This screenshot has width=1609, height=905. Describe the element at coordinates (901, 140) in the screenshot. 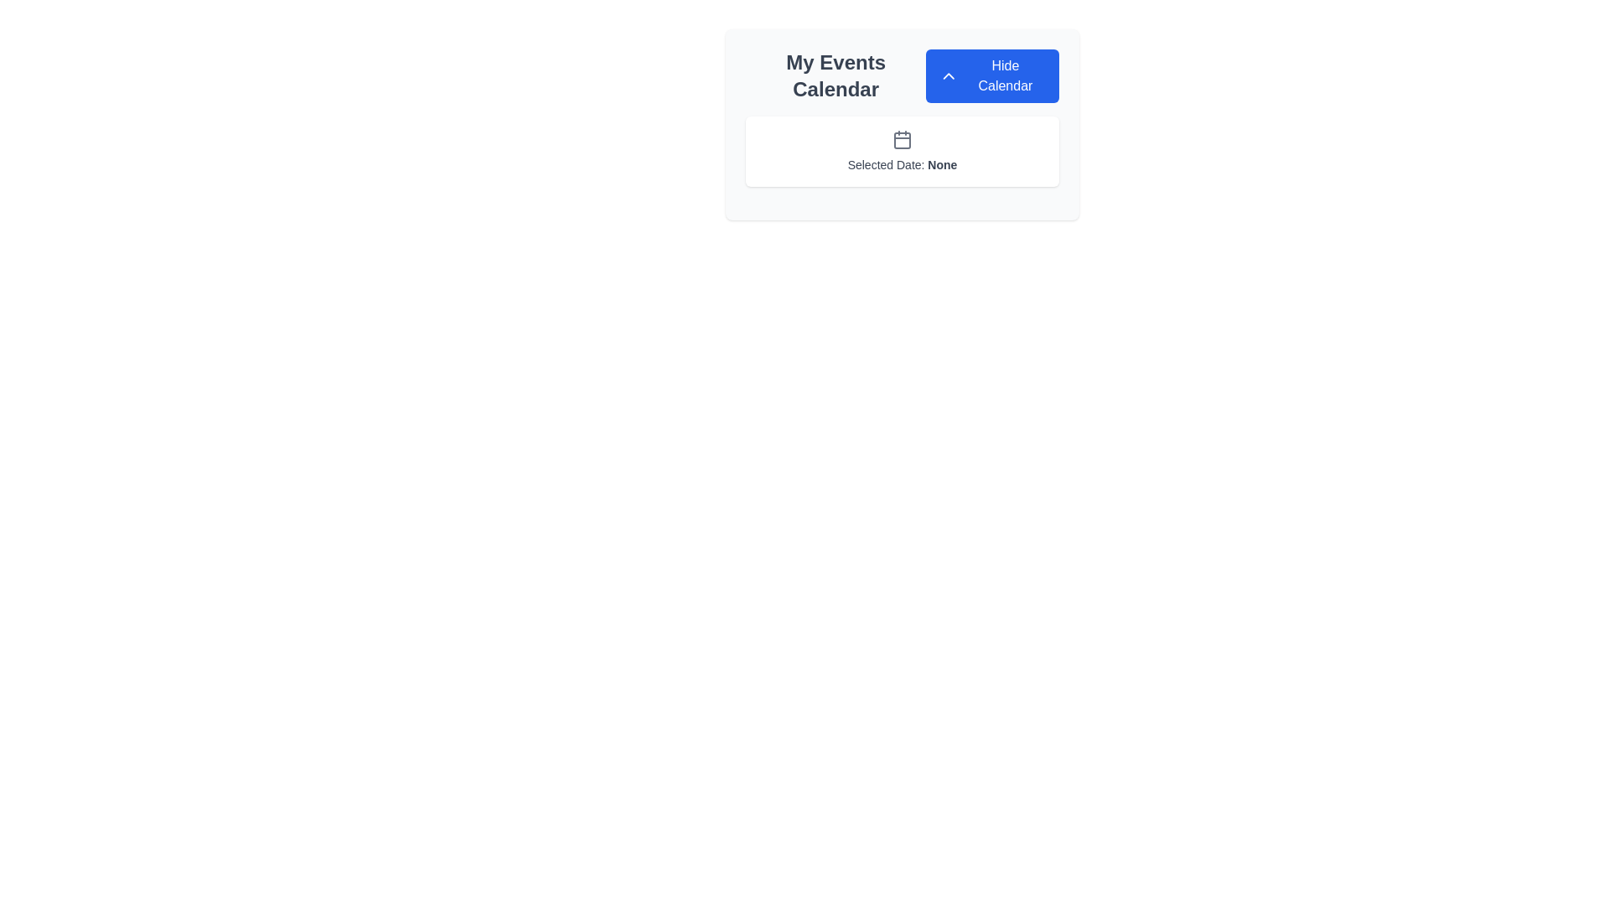

I see `the calendar interface icon located within the central rectangular area of the calendar component` at that location.